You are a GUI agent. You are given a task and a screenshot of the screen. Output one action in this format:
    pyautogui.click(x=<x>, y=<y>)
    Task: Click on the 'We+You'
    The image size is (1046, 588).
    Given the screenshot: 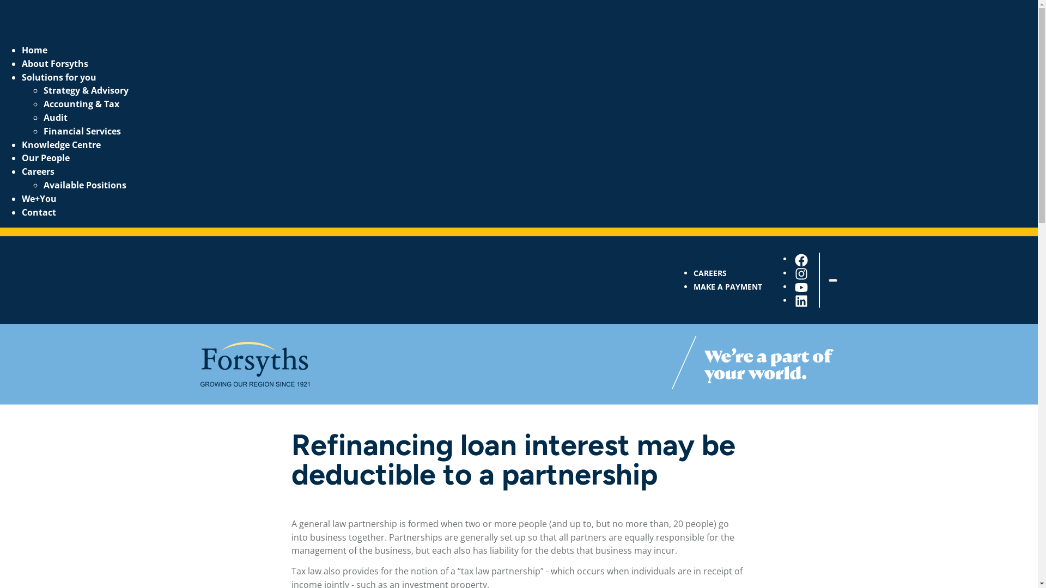 What is the action you would take?
    pyautogui.click(x=39, y=199)
    